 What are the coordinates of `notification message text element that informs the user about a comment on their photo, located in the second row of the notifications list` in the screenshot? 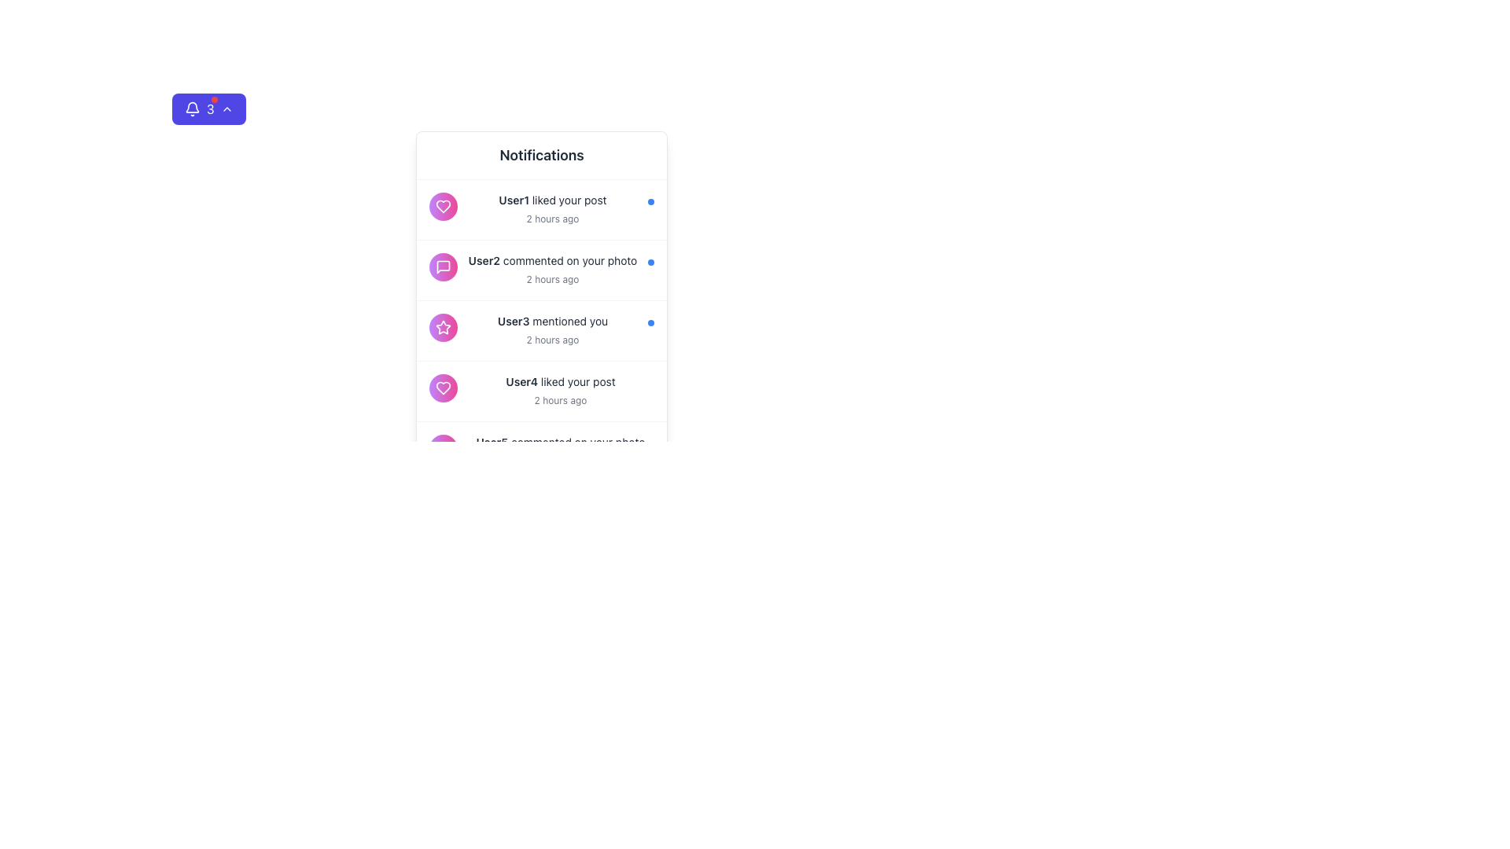 It's located at (552, 259).